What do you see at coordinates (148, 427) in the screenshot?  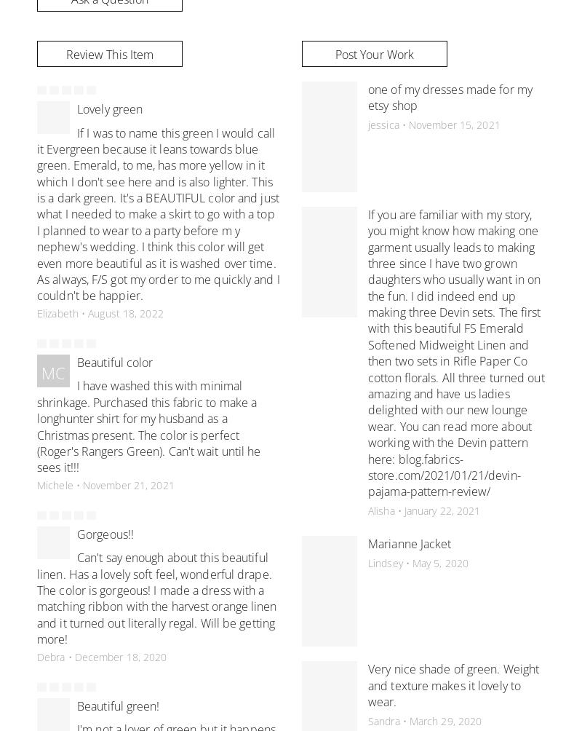 I see `'I have washed this with minimal shrinkage.  Purchased this fabric to make a longhunter shirt for my husband as a Christmas present.  The color is perfect (Roger's Rangers Green).  Can't wait until he sees it!!!'` at bounding box center [148, 427].